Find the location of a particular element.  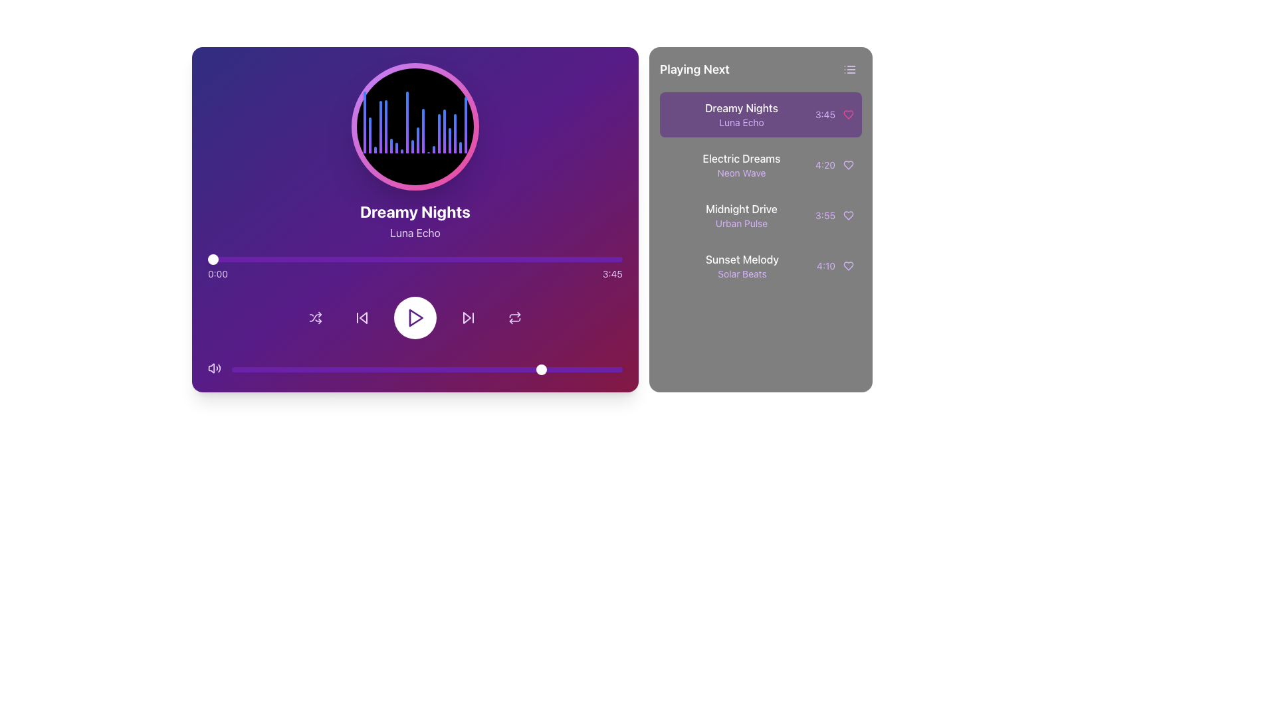

the static text label displaying 'Luna Echo', which is in light purple font against a gradient purple background, located beneath the 'Dreamy Nights' header in the music player section is located at coordinates (414, 232).